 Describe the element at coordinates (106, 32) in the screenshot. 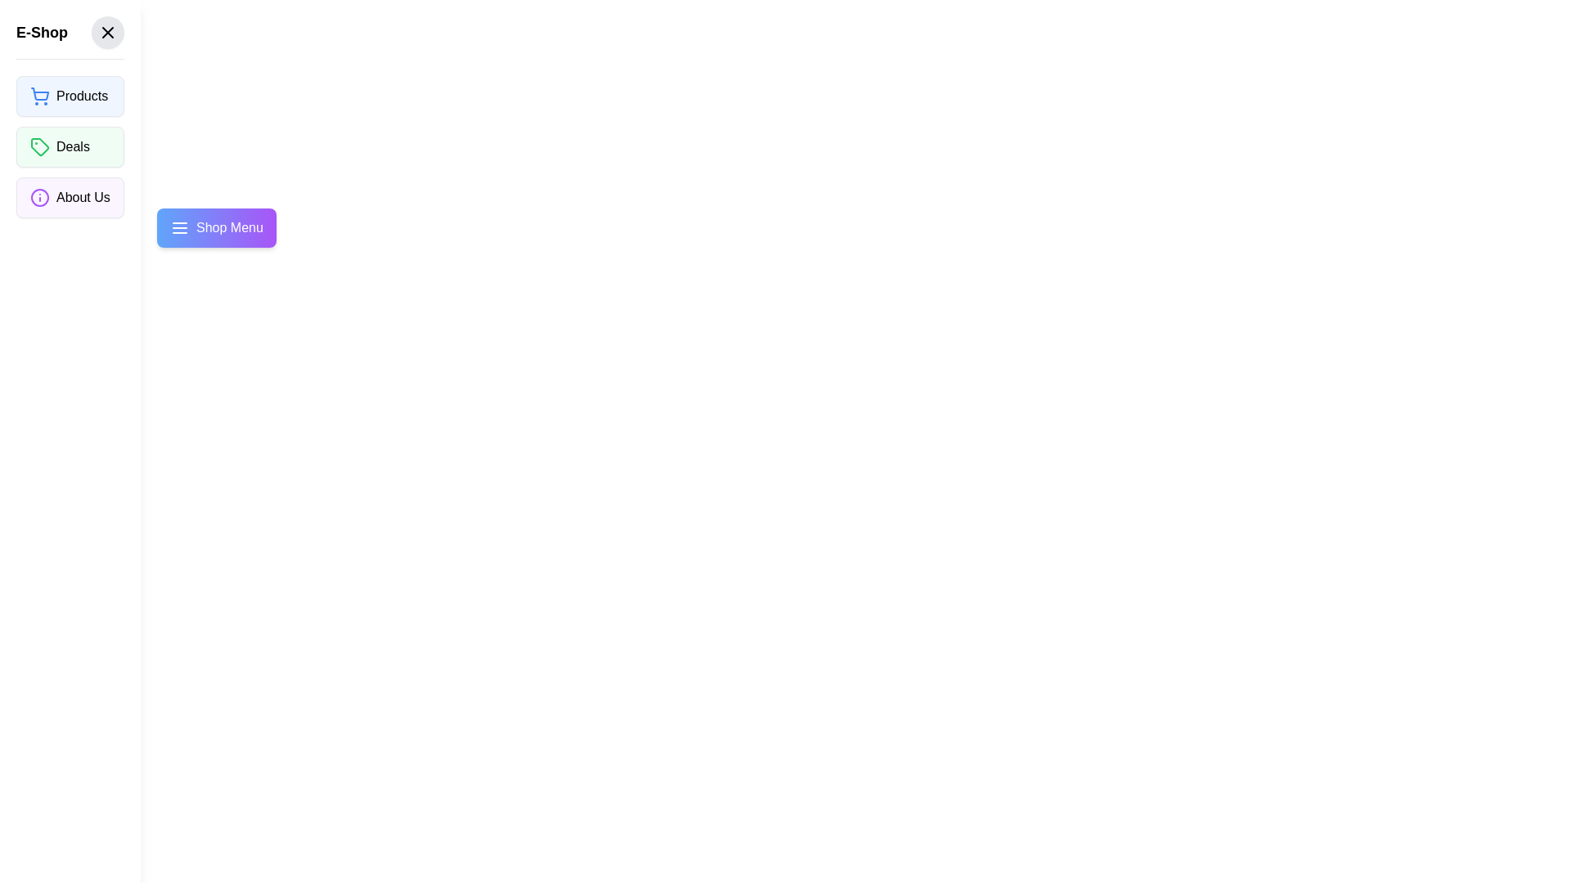

I see `the 'Close' button in the drawer header` at that location.